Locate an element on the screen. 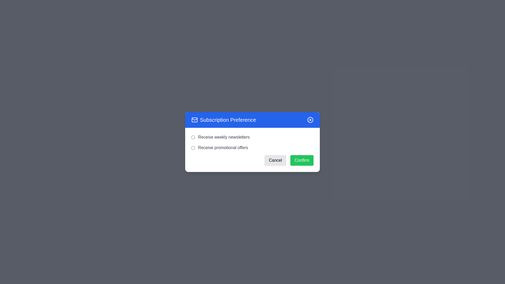 This screenshot has height=284, width=505. the 'Cancel' button to close the dialog is located at coordinates (275, 160).